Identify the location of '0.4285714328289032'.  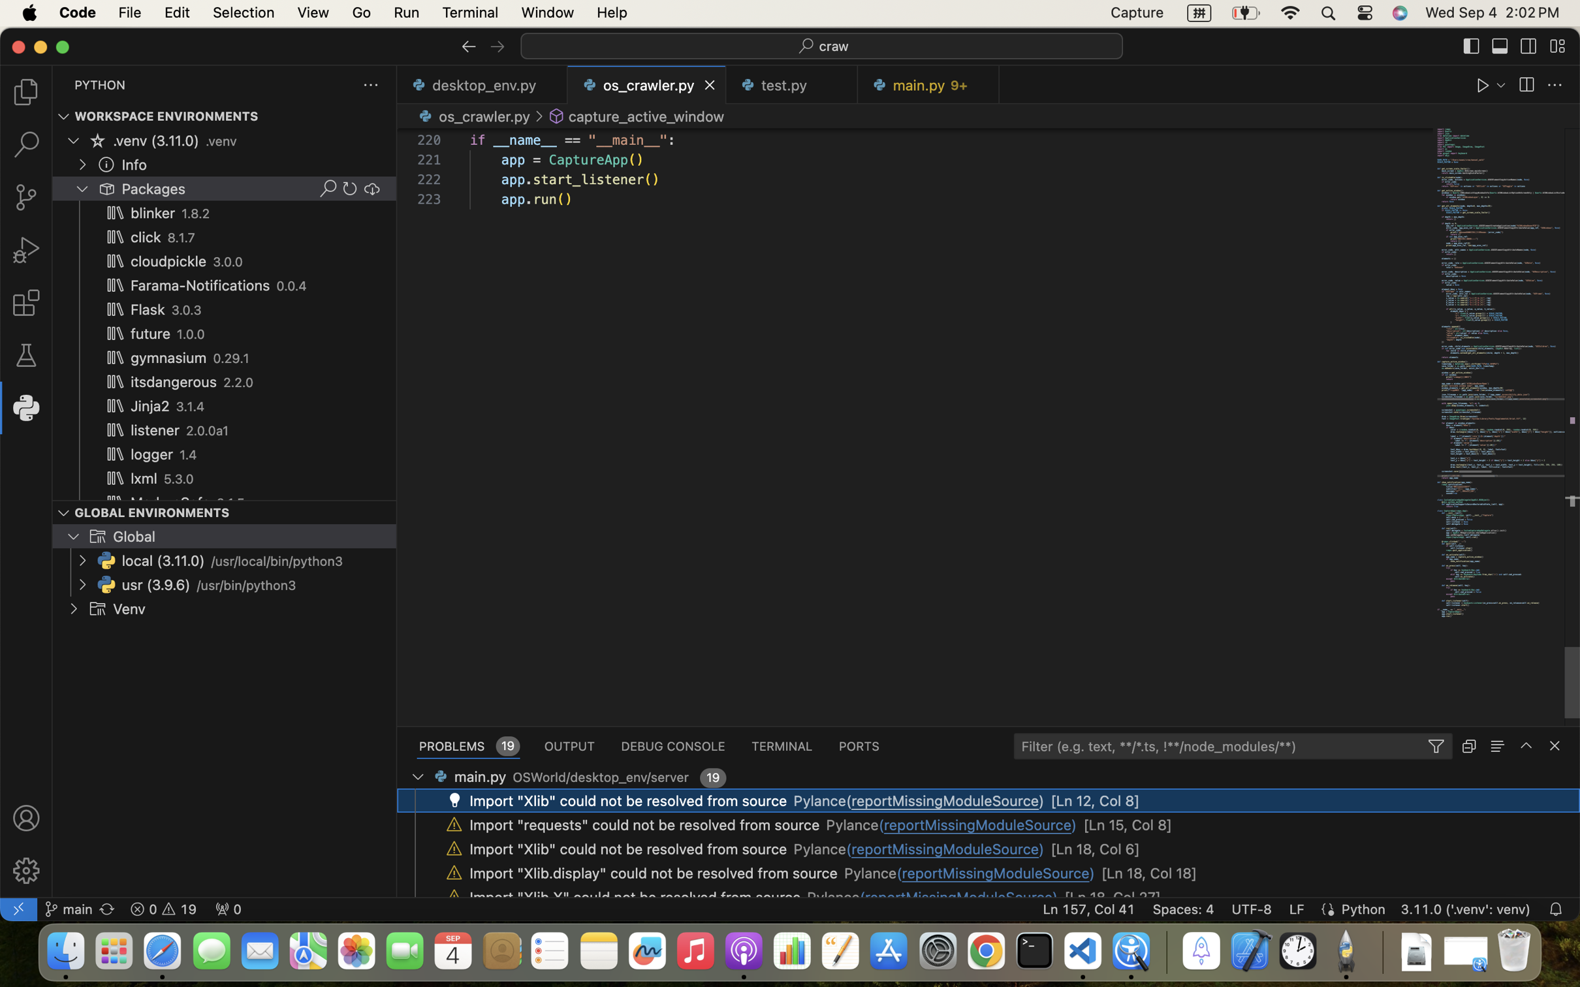
(1165, 951).